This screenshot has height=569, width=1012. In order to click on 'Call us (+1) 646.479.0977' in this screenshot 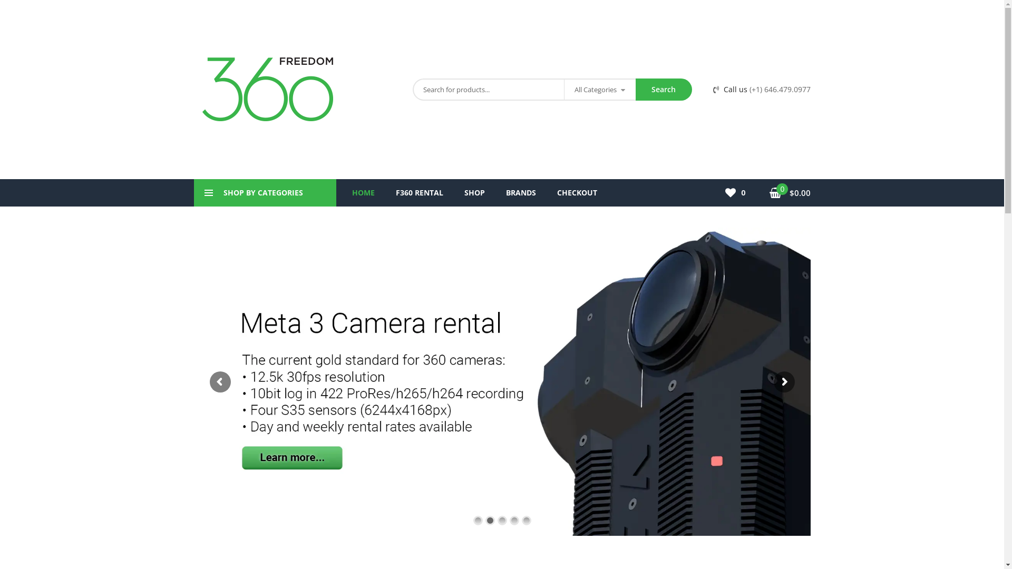, I will do `click(761, 89)`.